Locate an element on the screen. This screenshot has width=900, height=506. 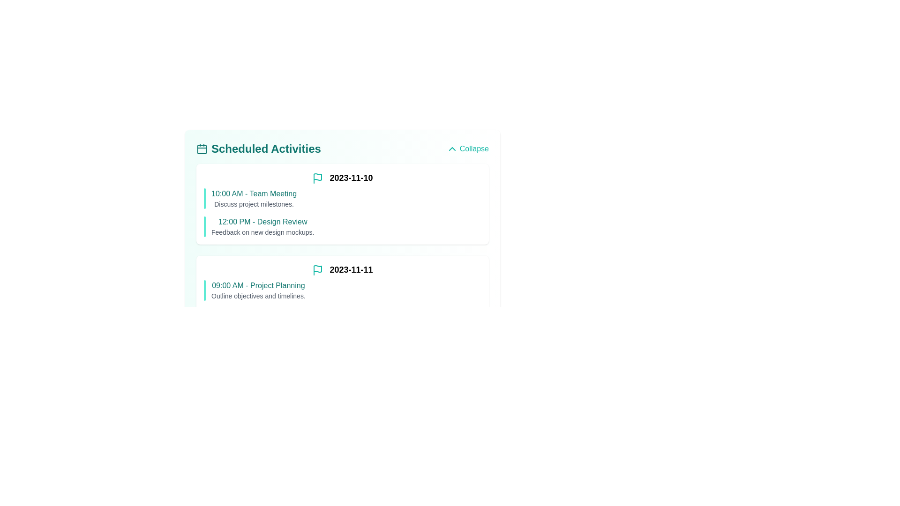
descriptive text located below the primary heading '09:00 AM - Project Planning' for the scheduled event on '2023-11-11' is located at coordinates (258, 296).